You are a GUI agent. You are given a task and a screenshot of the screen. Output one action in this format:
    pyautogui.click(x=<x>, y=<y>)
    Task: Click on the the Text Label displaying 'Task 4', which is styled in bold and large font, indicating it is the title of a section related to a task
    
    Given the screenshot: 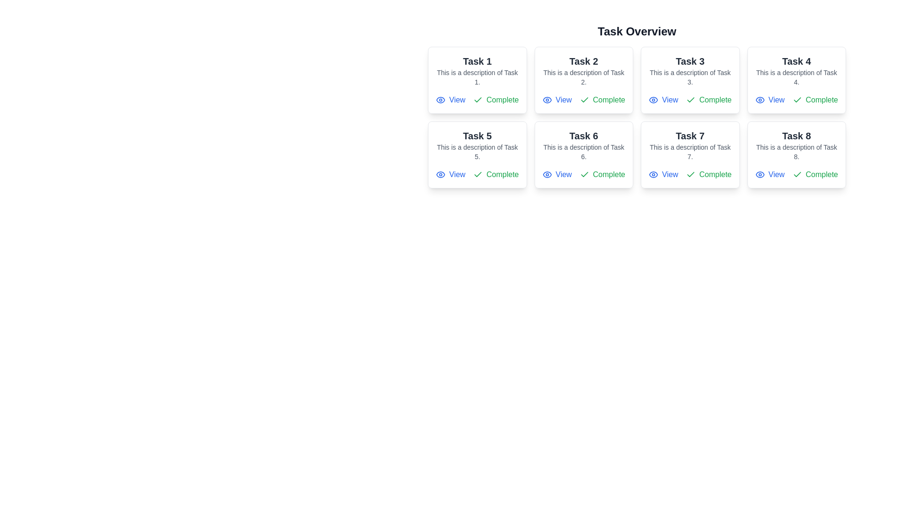 What is the action you would take?
    pyautogui.click(x=796, y=61)
    